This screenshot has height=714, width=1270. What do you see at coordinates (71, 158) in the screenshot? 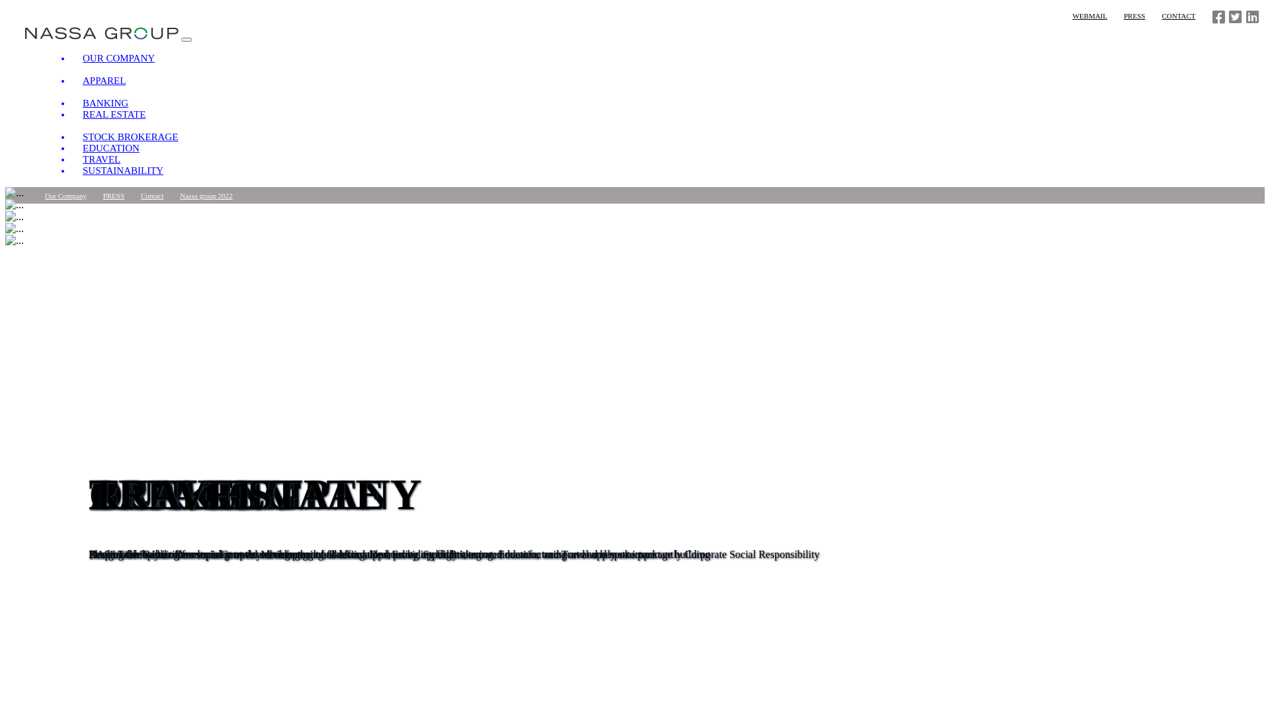
I see `'TRAVEL'` at bounding box center [71, 158].